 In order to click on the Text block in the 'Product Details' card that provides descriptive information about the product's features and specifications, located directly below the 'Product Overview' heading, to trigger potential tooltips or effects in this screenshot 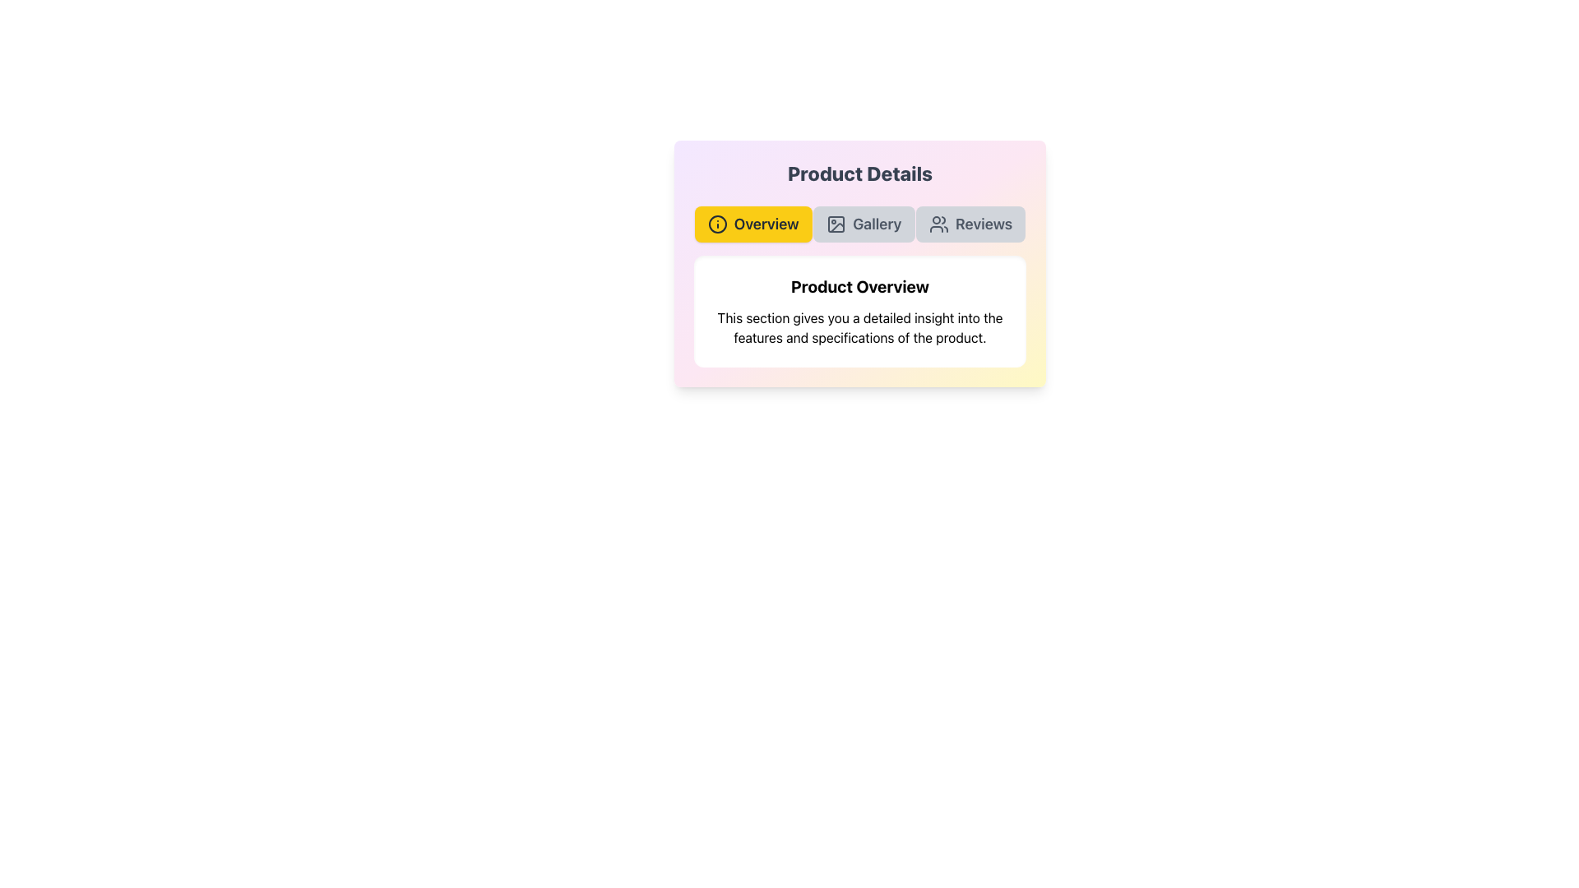, I will do `click(859, 327)`.